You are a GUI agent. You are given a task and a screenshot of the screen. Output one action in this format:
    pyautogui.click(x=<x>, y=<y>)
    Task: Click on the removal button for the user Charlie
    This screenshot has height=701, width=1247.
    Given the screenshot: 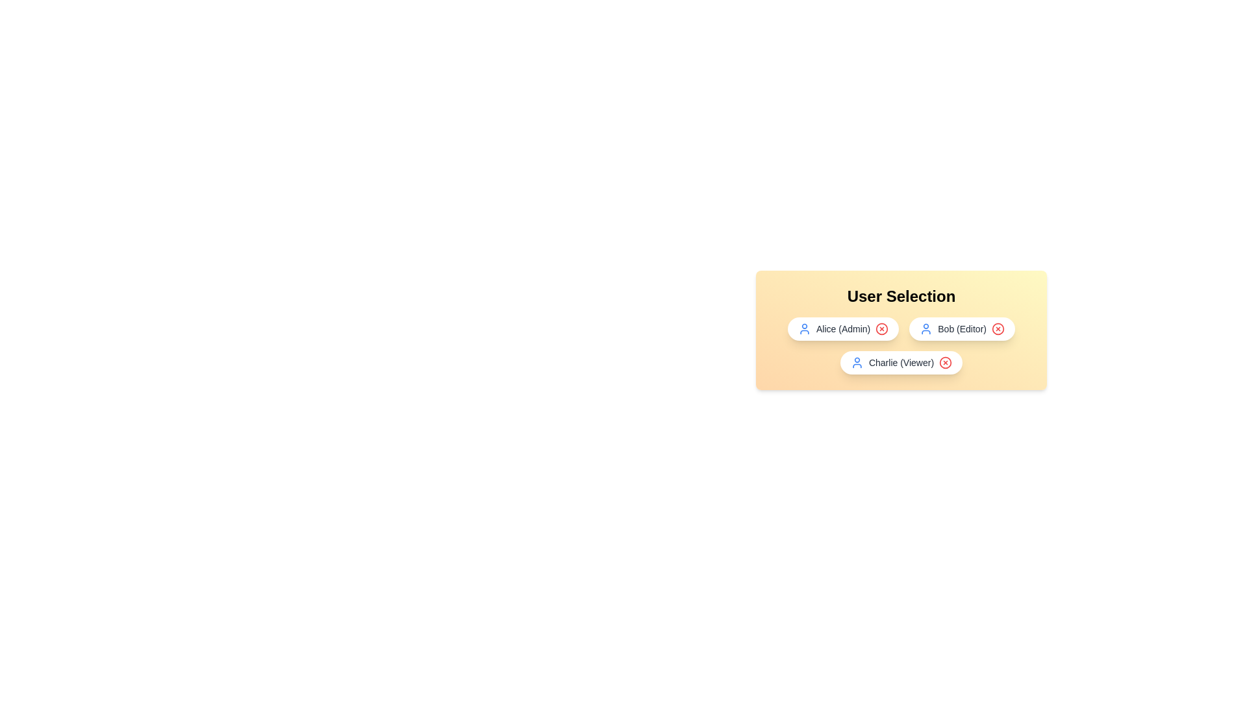 What is the action you would take?
    pyautogui.click(x=946, y=363)
    